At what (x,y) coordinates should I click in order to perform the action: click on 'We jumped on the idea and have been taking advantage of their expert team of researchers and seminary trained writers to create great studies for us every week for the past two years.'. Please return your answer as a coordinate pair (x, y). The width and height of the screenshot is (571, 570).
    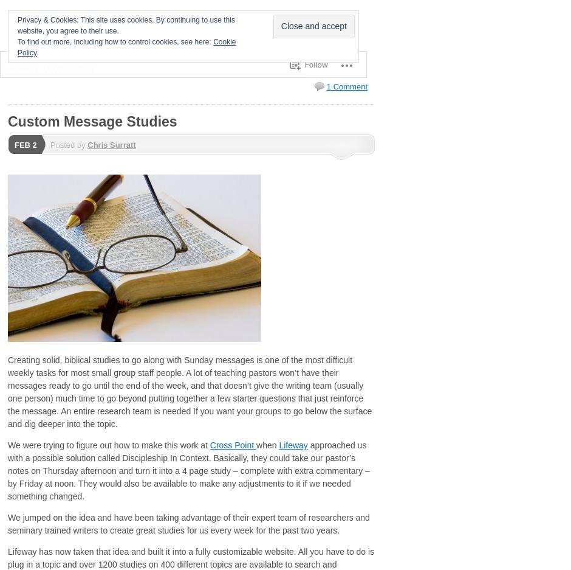
    Looking at the image, I should click on (7, 524).